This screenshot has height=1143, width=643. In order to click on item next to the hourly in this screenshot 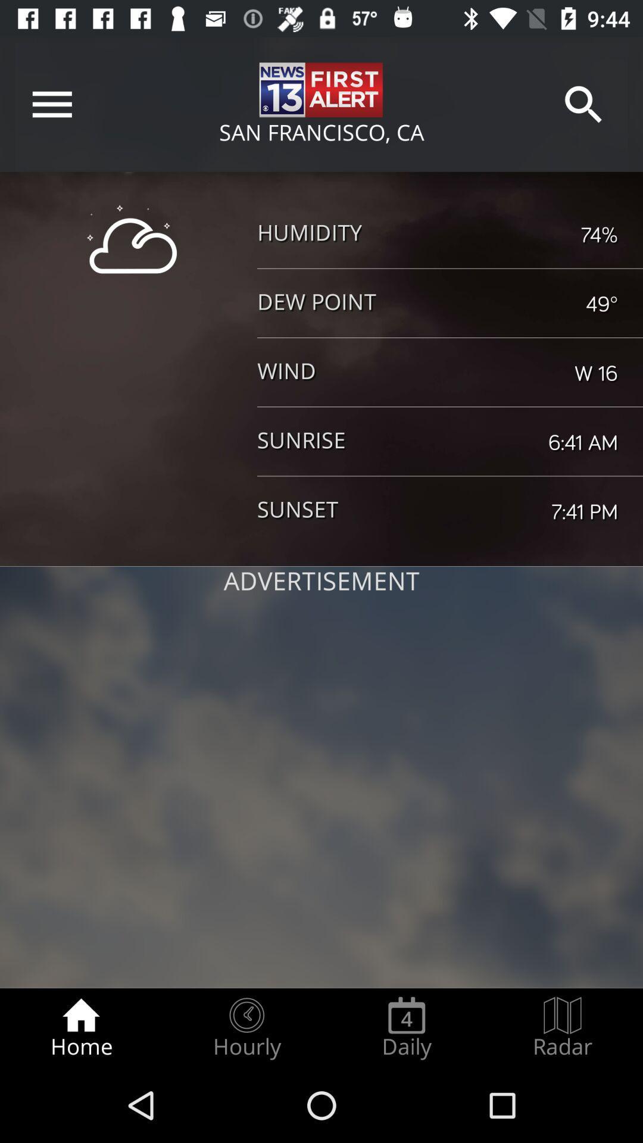, I will do `click(80, 1028)`.